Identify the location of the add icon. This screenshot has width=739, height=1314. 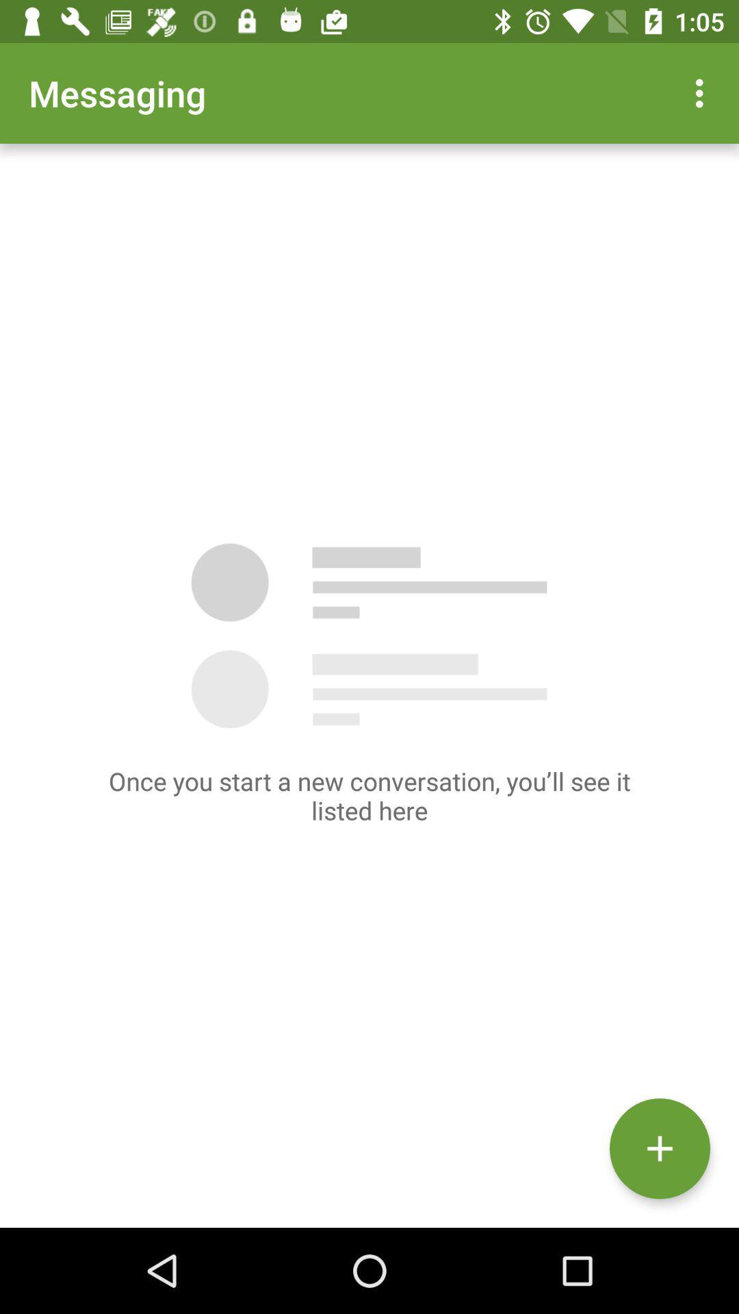
(659, 1148).